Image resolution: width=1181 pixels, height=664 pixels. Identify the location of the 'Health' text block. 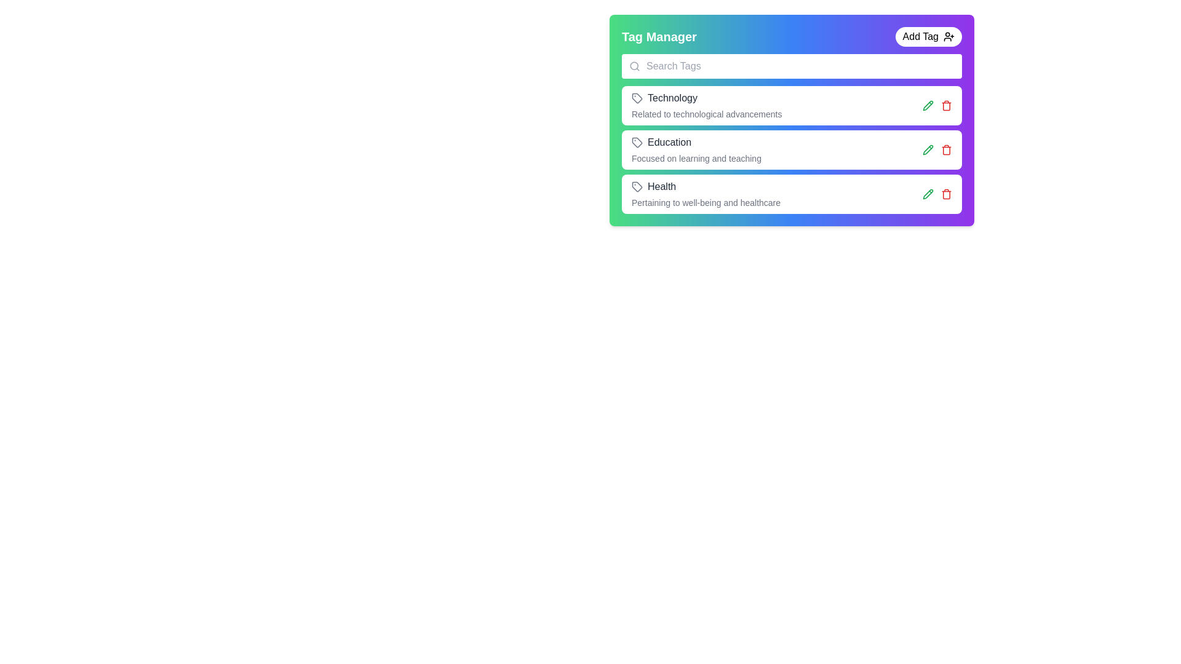
(706, 194).